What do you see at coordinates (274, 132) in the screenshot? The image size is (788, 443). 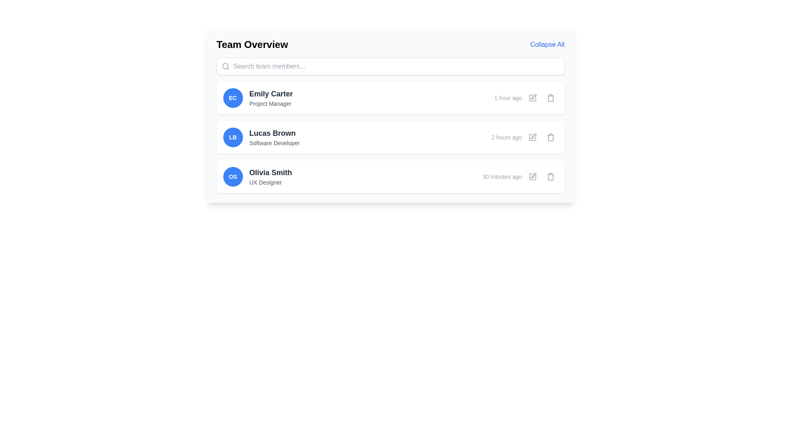 I see `the text label displaying the name of an individual in the 'Team Overview' section, which is located above the role description 'Software Developer' and adjacent to the 'LB' circular icon` at bounding box center [274, 132].